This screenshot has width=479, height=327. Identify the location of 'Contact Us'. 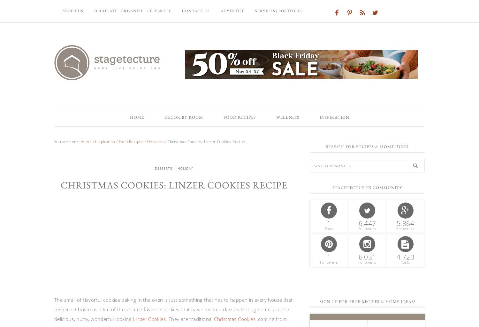
(195, 11).